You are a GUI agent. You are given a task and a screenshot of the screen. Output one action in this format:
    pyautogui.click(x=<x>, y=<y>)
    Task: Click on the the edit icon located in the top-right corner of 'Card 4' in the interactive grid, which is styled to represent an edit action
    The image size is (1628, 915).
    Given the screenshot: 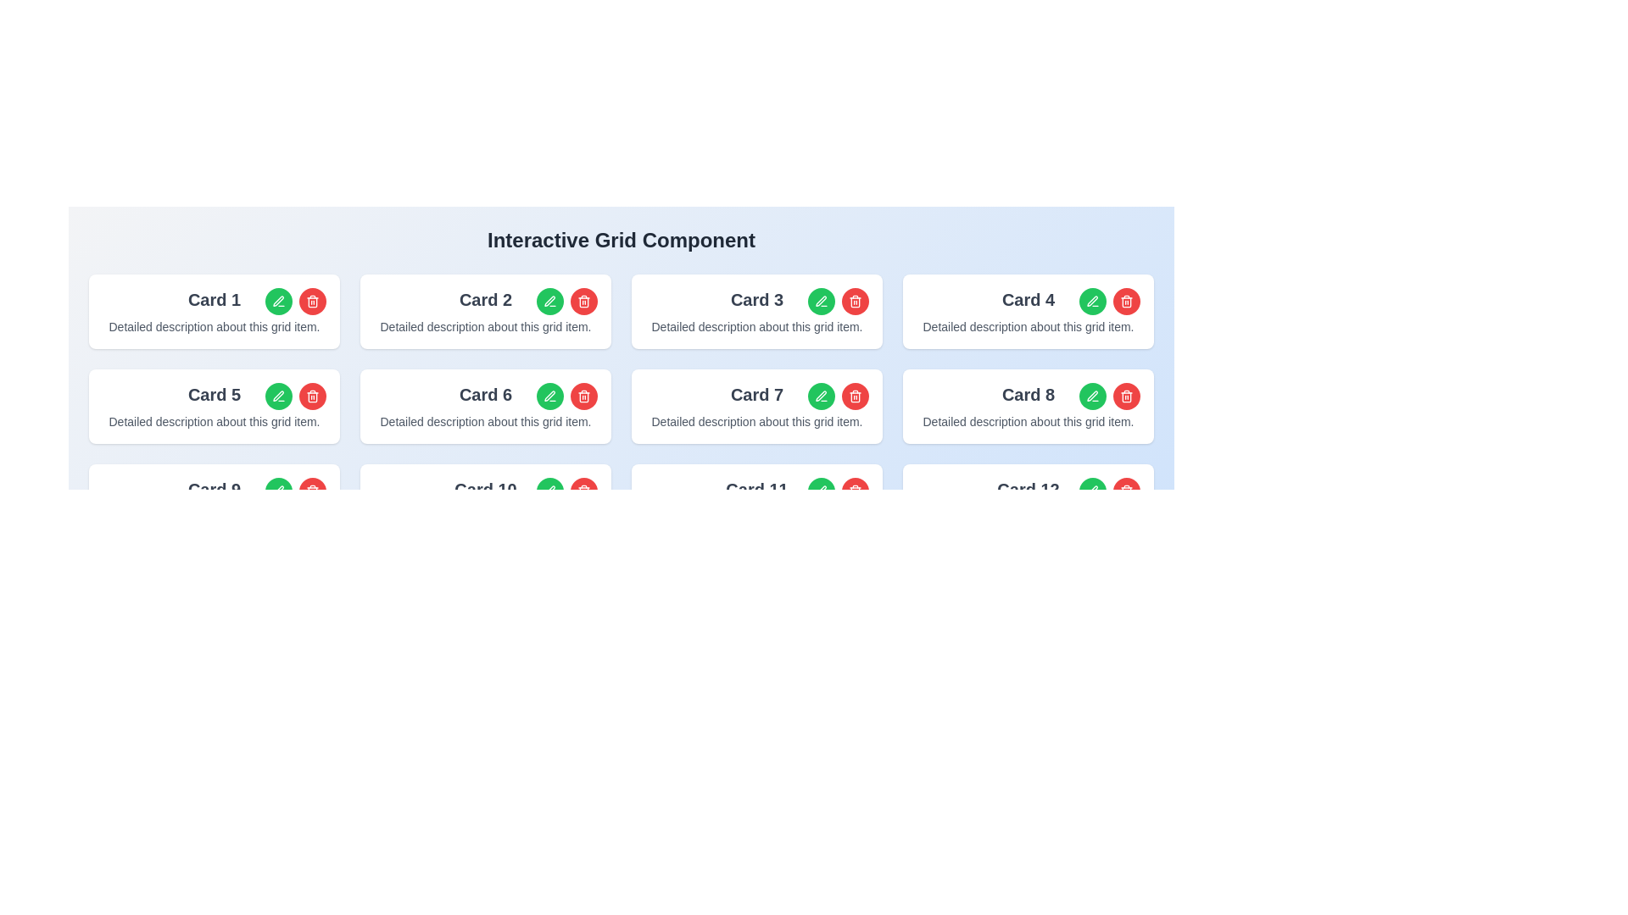 What is the action you would take?
    pyautogui.click(x=1092, y=300)
    